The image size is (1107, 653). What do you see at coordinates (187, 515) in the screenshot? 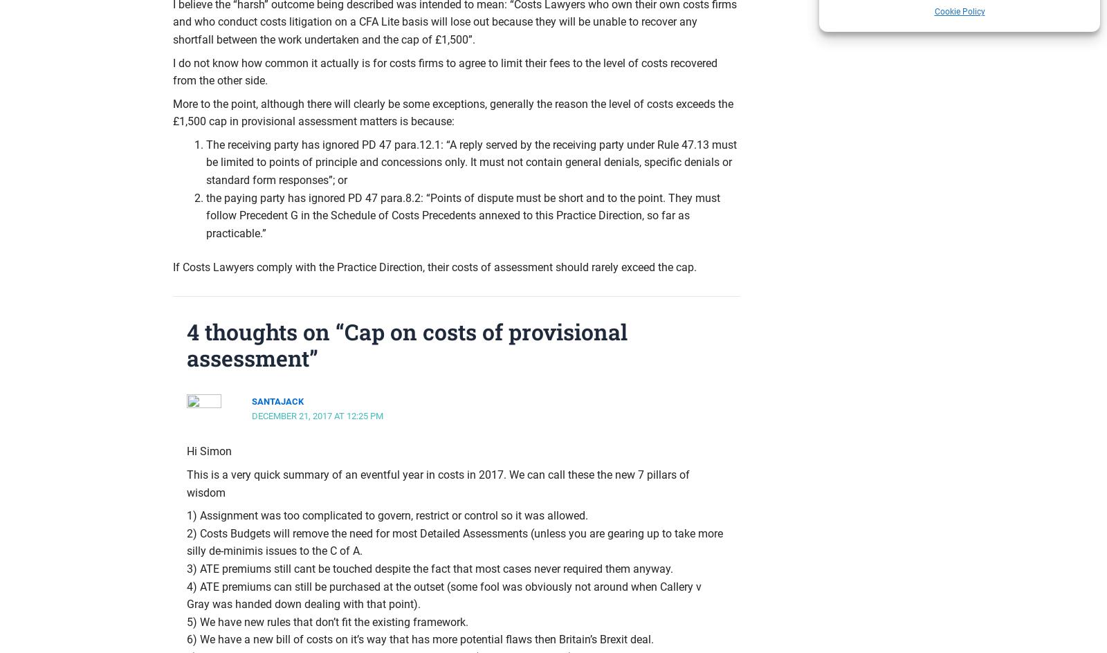
I see `'1) Assignment was too complicated to govern, restrict or control so it was allowed.'` at bounding box center [187, 515].